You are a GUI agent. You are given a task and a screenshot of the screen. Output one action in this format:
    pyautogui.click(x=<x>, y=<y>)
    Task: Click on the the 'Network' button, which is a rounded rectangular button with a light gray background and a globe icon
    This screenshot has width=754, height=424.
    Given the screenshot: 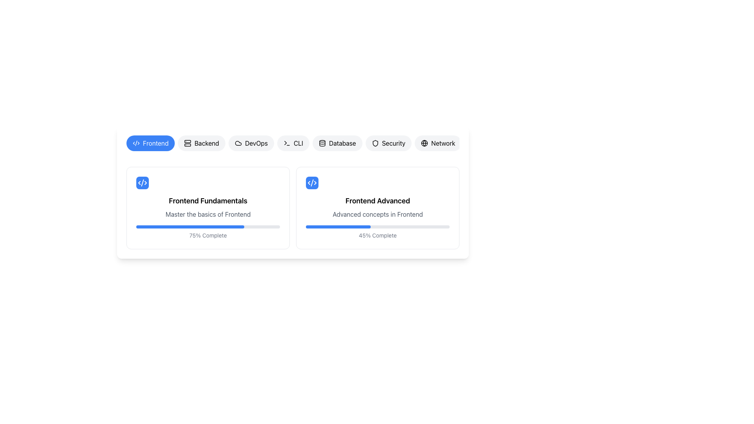 What is the action you would take?
    pyautogui.click(x=437, y=143)
    